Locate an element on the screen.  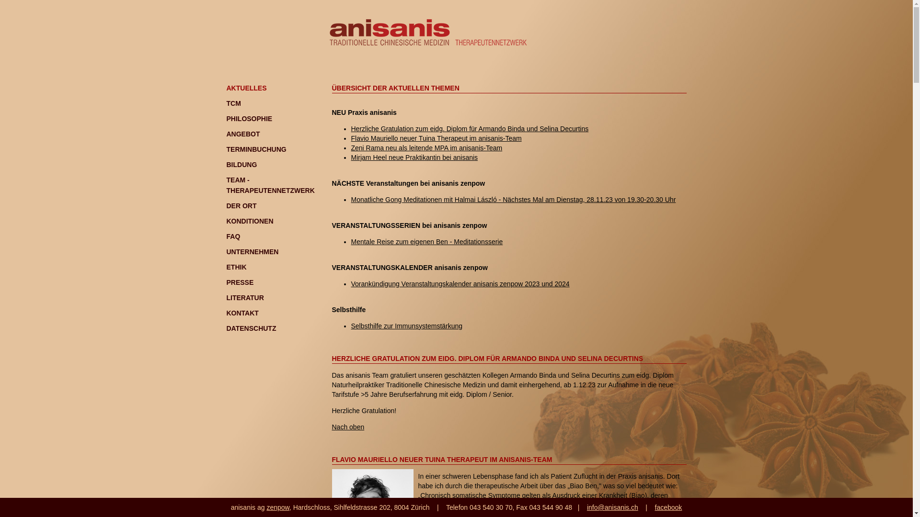
'TERMINBUCHUNG' is located at coordinates (256, 149).